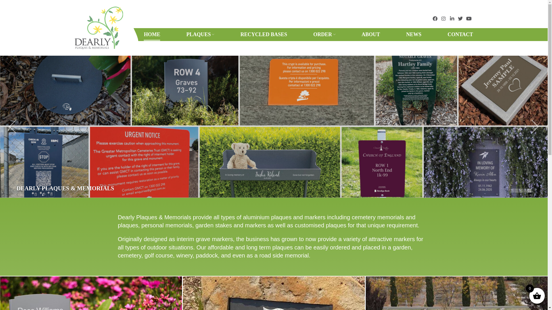 This screenshot has width=552, height=310. What do you see at coordinates (525, 190) in the screenshot?
I see `'4'` at bounding box center [525, 190].